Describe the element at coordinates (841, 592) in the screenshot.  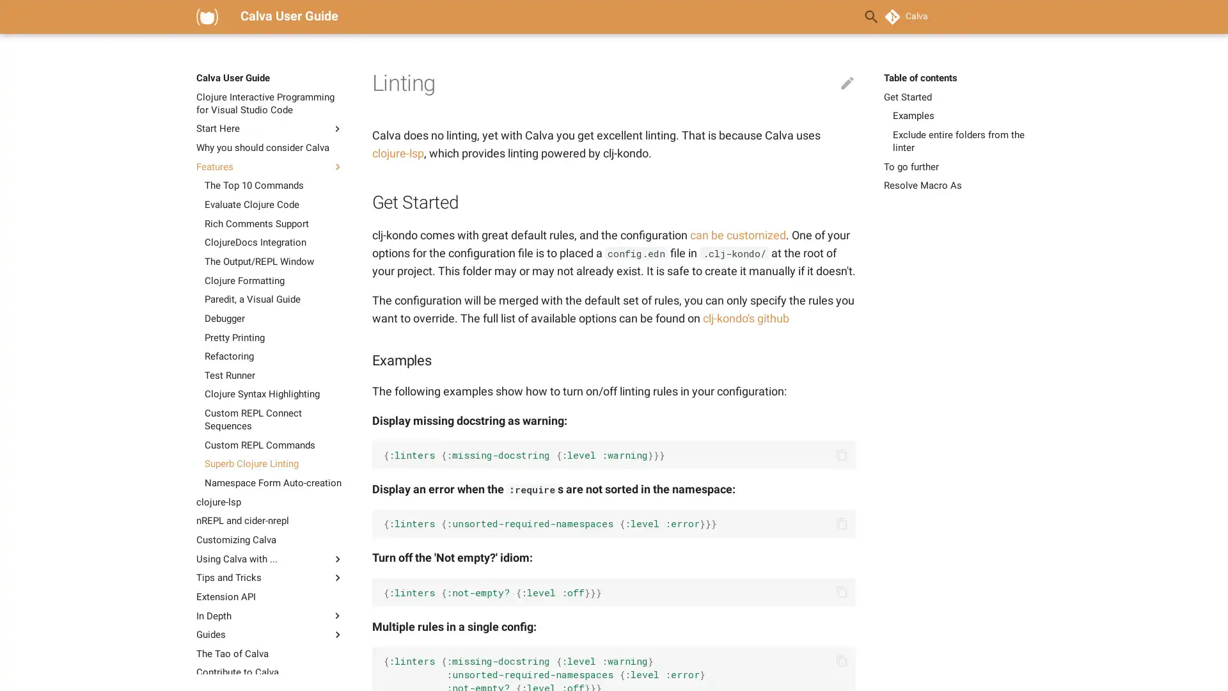
I see `Copy to clipboard` at that location.